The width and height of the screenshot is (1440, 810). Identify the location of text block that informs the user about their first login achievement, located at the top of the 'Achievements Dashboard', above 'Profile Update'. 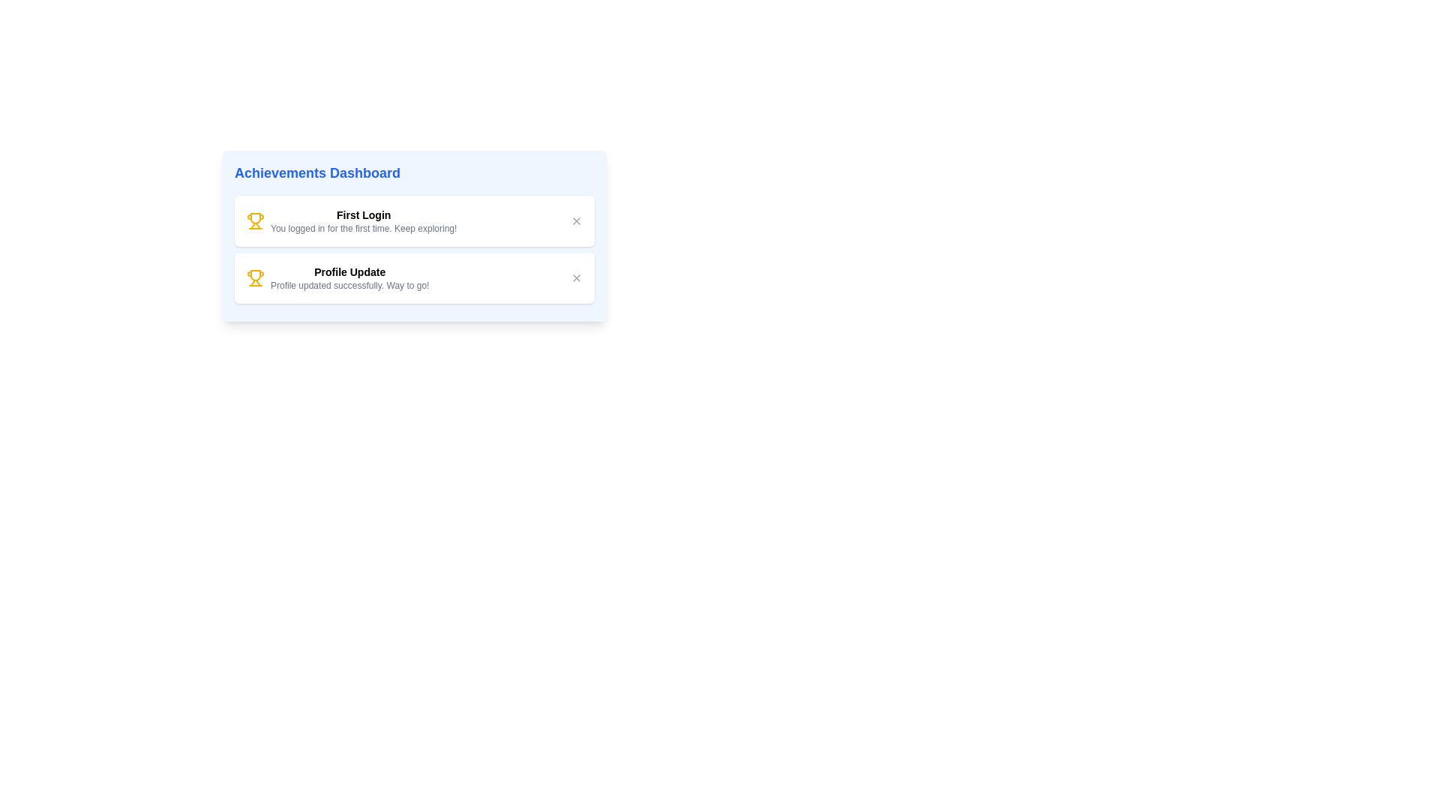
(364, 220).